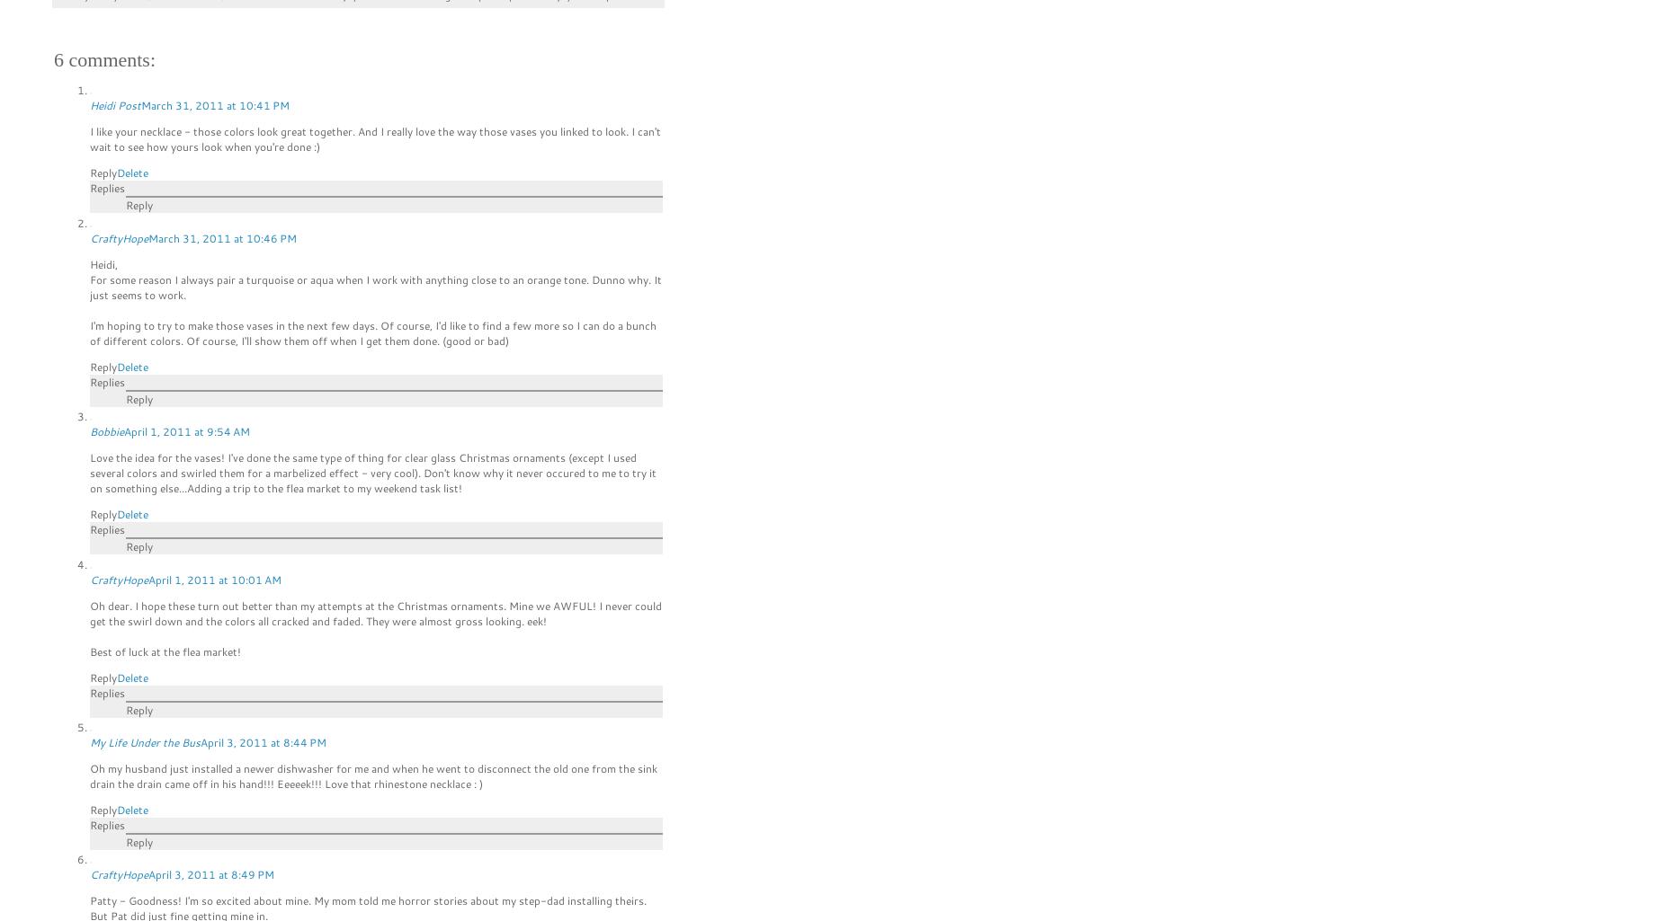  I want to click on '6 comments:', so click(104, 58).